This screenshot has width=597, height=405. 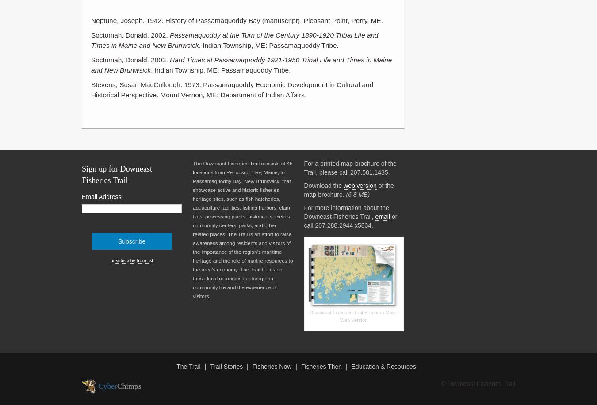 What do you see at coordinates (236, 20) in the screenshot?
I see `'Neptune, Joseph. 1942. History of Passamaquoddy Bay (manuscript). Pleasant Point, Perry, ME.'` at bounding box center [236, 20].